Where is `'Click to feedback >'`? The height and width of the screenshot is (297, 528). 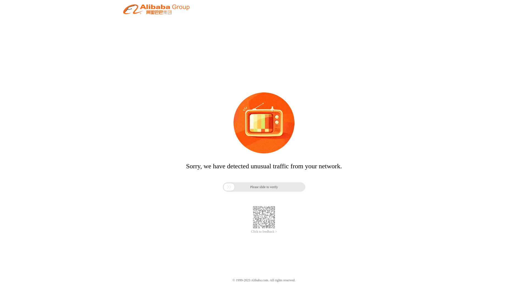
'Click to feedback >' is located at coordinates (264, 232).